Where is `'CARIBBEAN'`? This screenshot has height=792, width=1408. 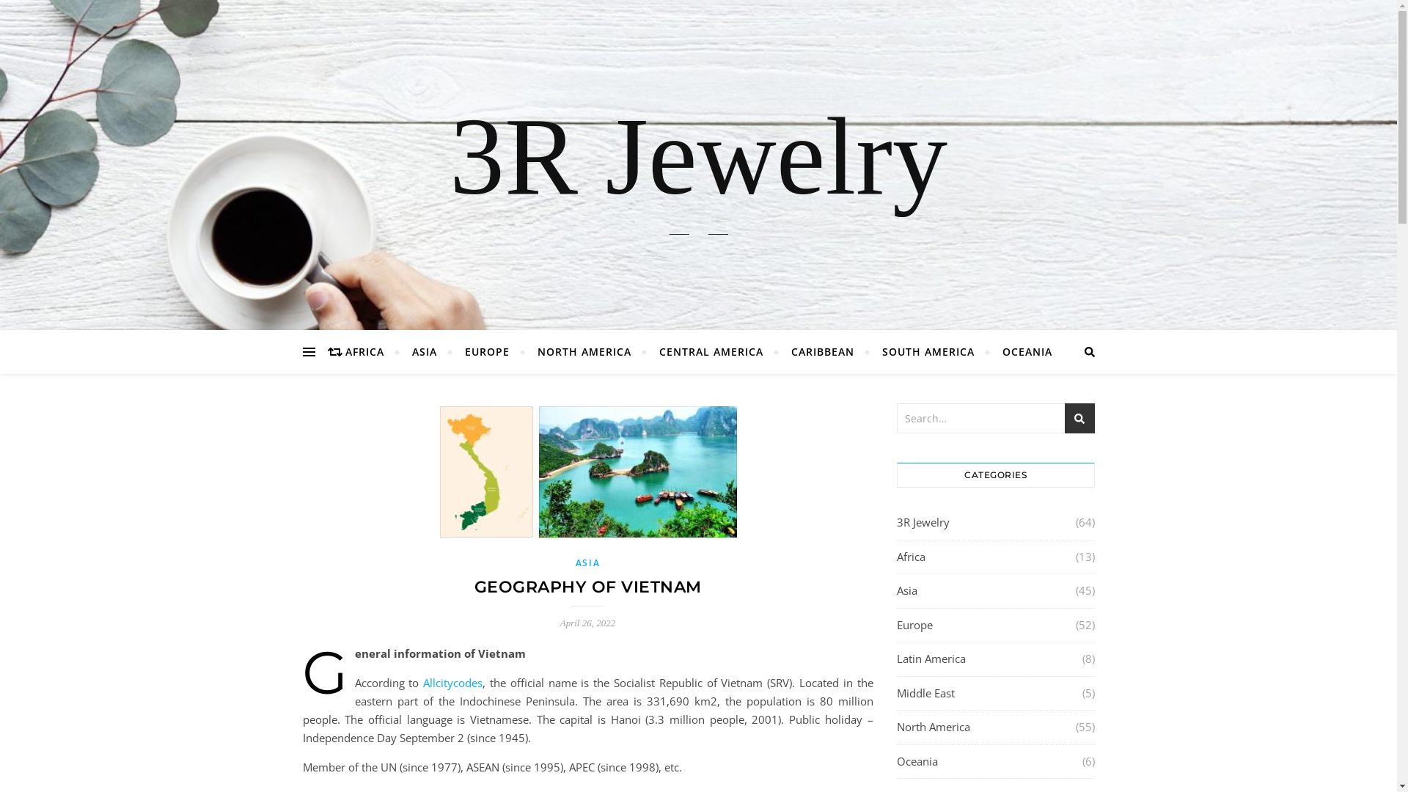
'CARIBBEAN' is located at coordinates (823, 351).